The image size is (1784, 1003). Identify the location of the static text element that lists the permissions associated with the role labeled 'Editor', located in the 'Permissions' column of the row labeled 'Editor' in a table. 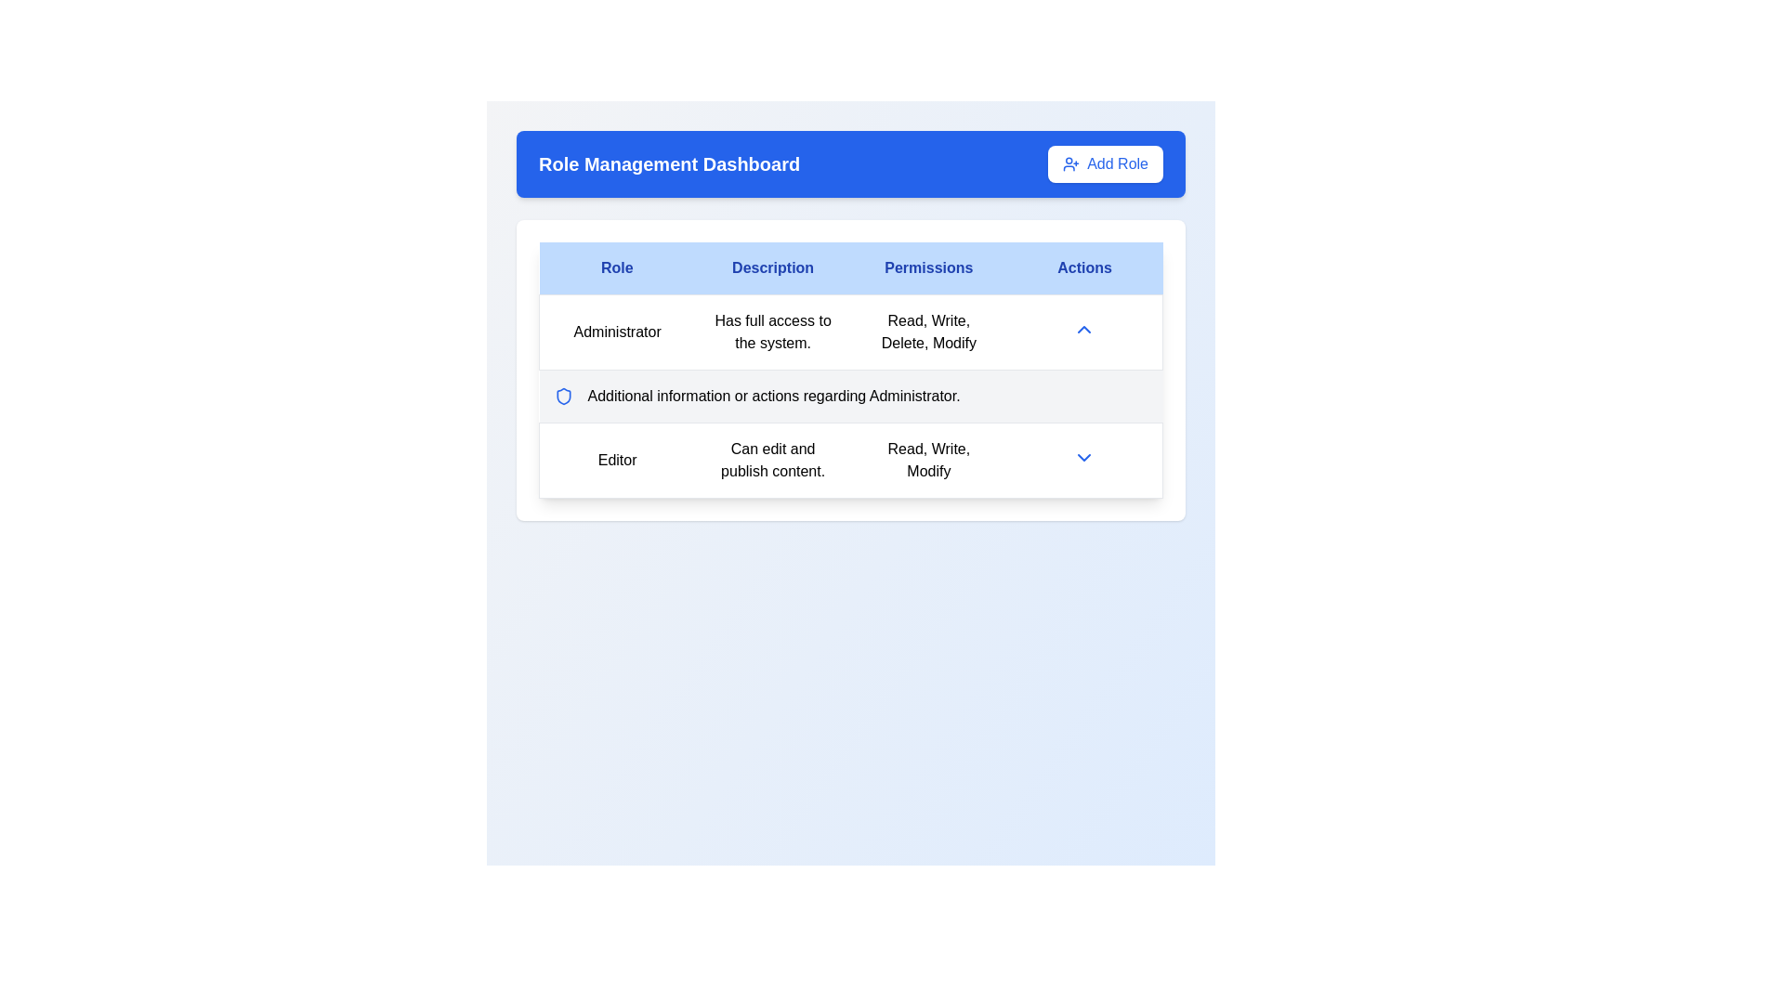
(928, 460).